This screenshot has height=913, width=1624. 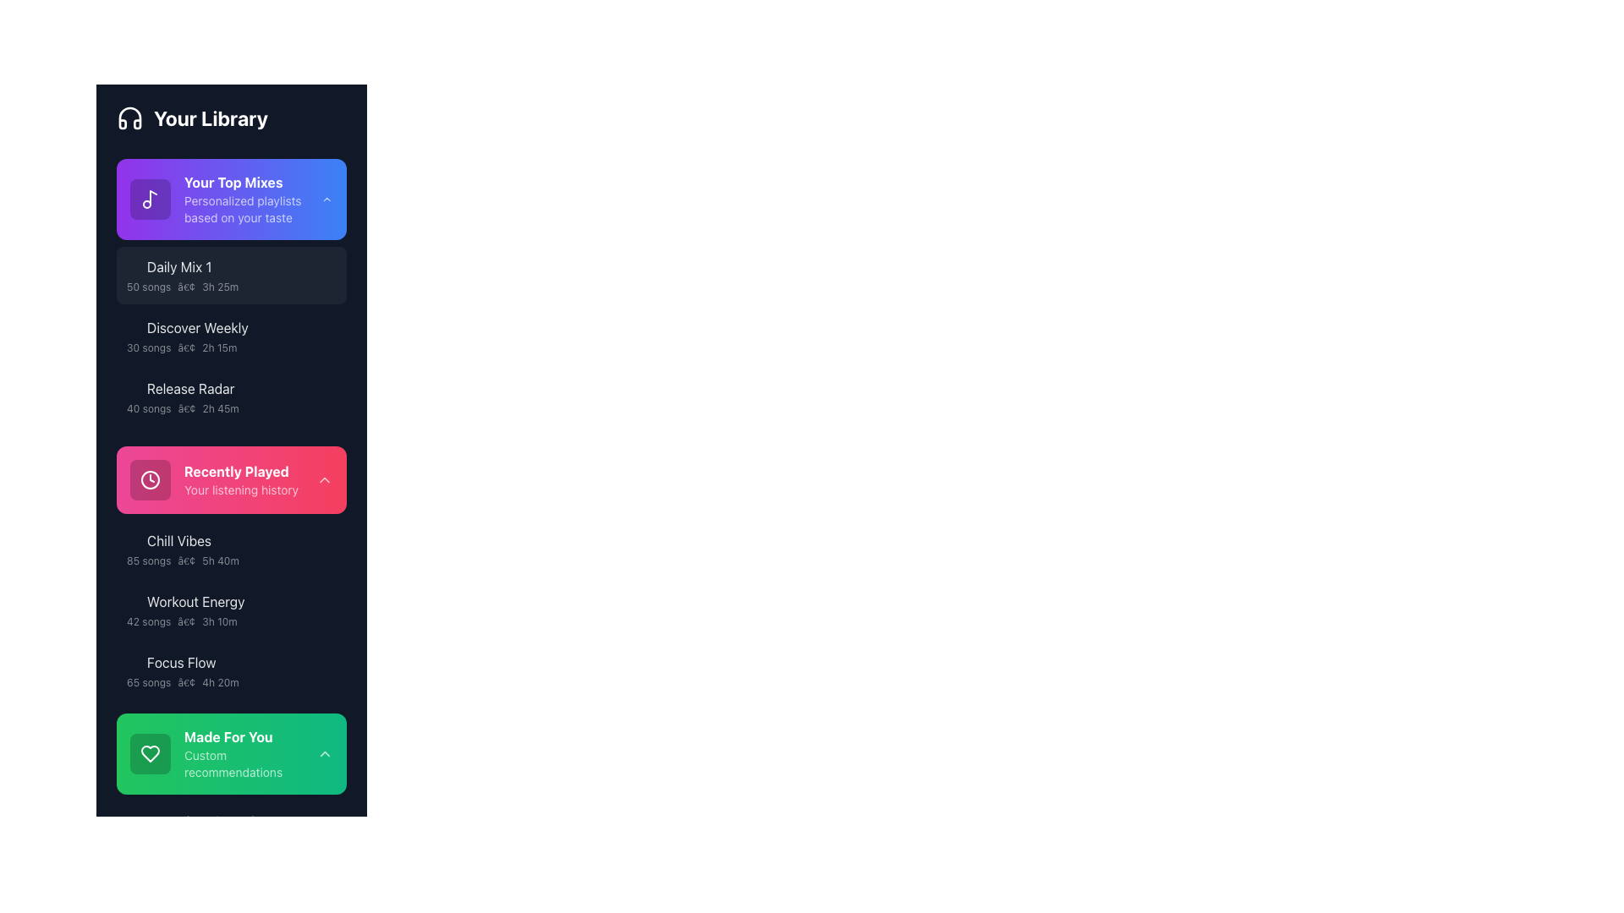 What do you see at coordinates (222, 752) in the screenshot?
I see `the 'Made For You' button with a green background and a heart-shaped icon` at bounding box center [222, 752].